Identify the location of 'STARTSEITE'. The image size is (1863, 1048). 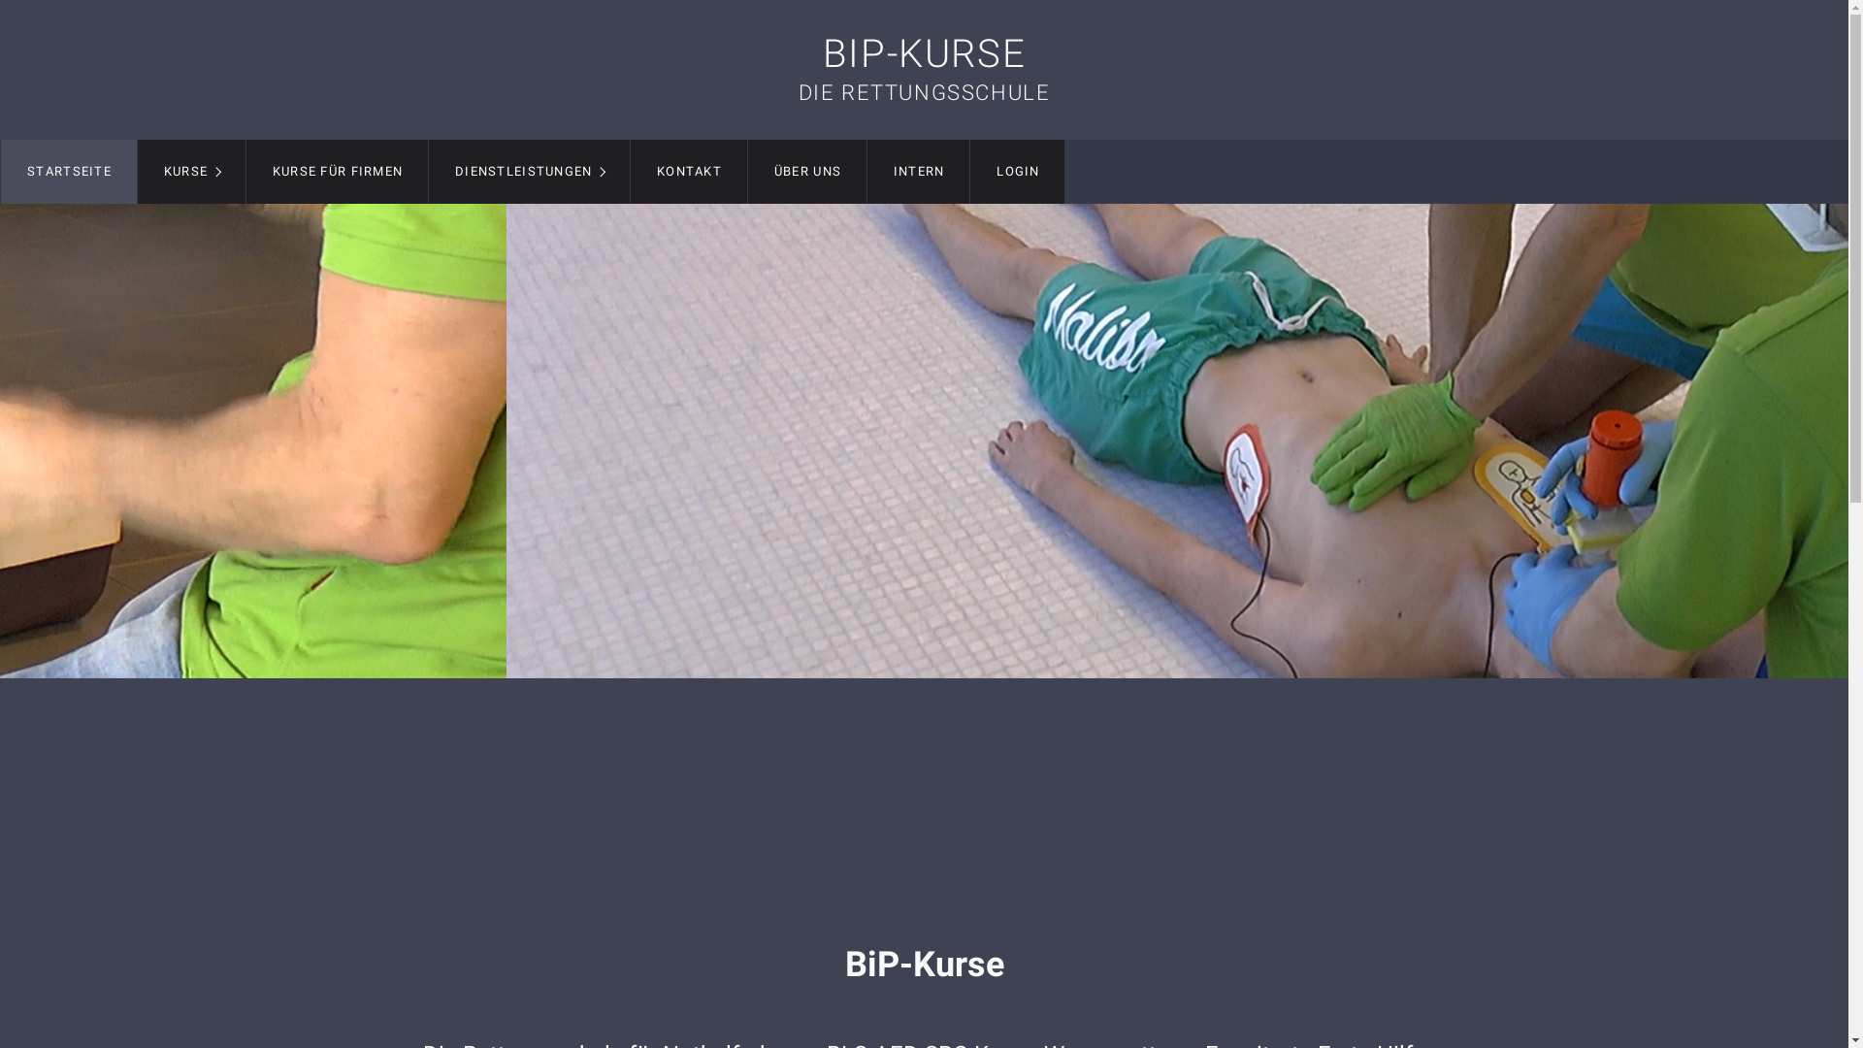
(69, 171).